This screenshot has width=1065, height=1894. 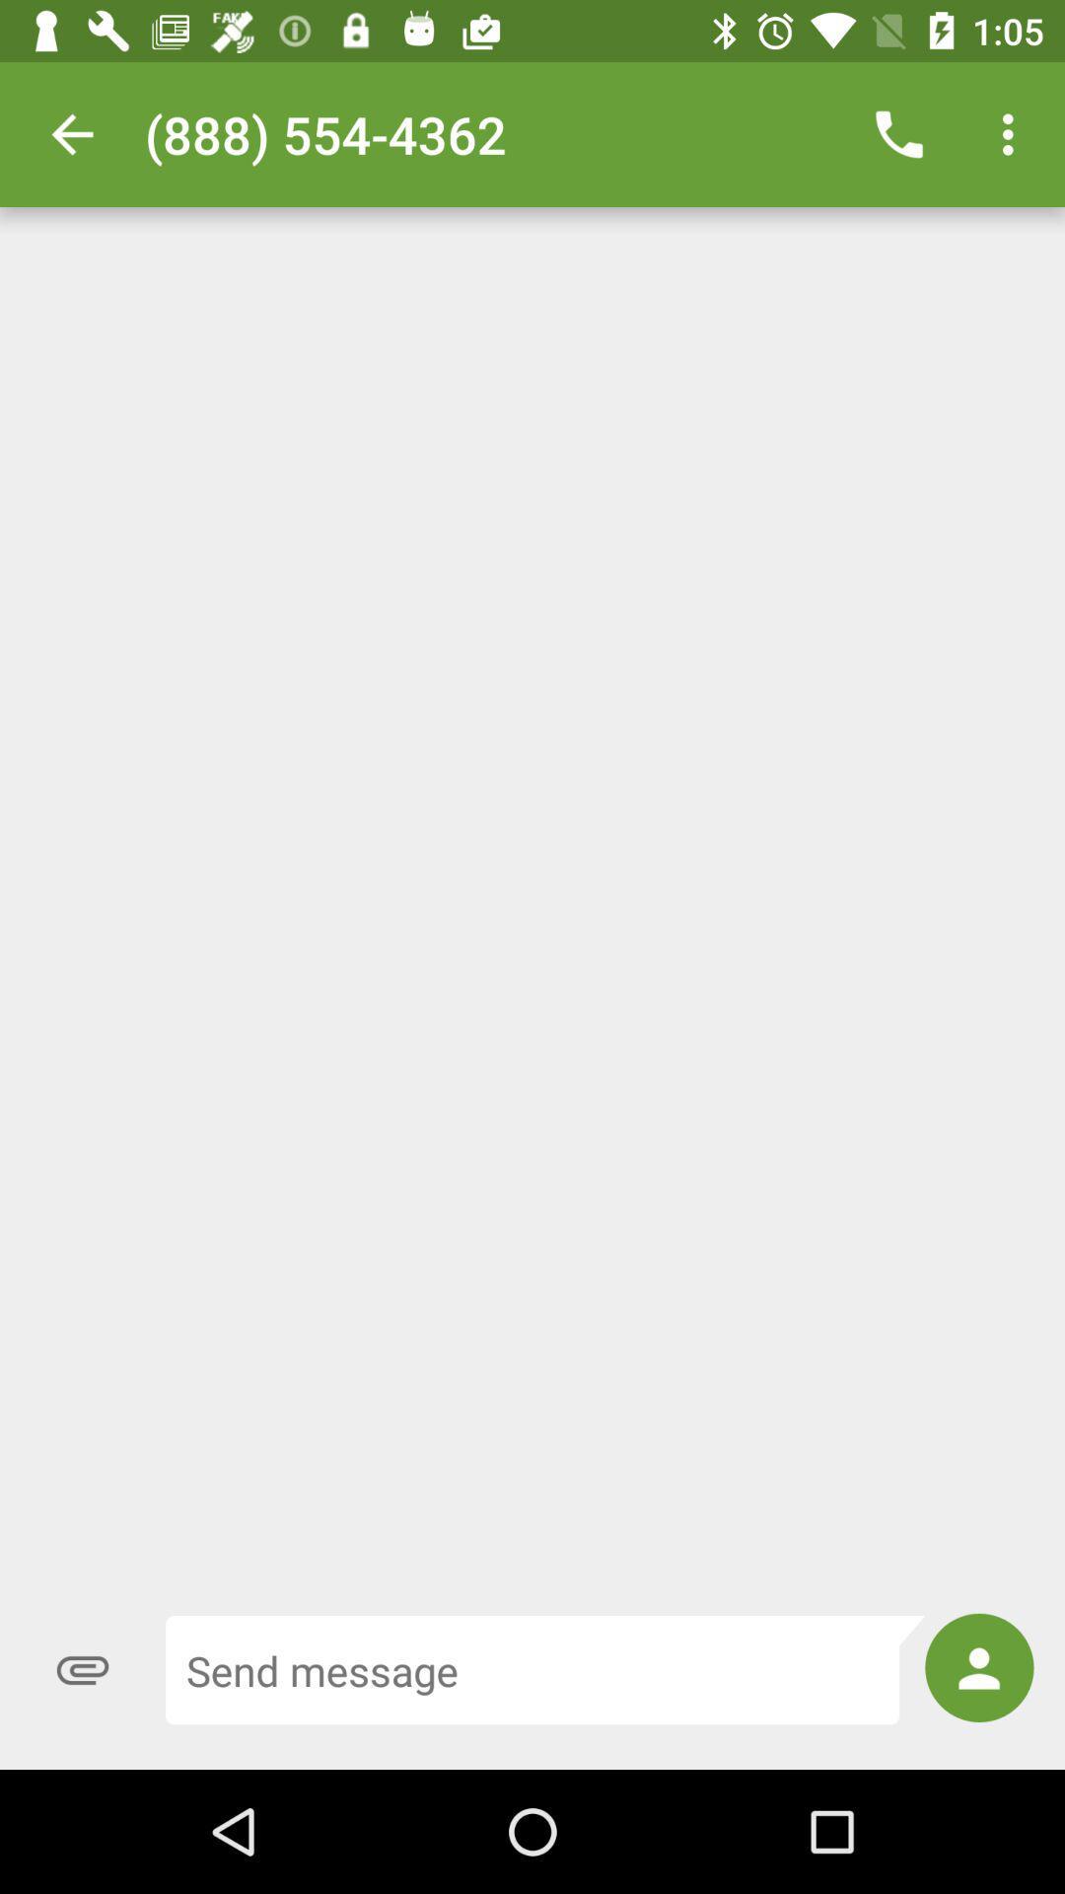 I want to click on the avatar icon, so click(x=979, y=1666).